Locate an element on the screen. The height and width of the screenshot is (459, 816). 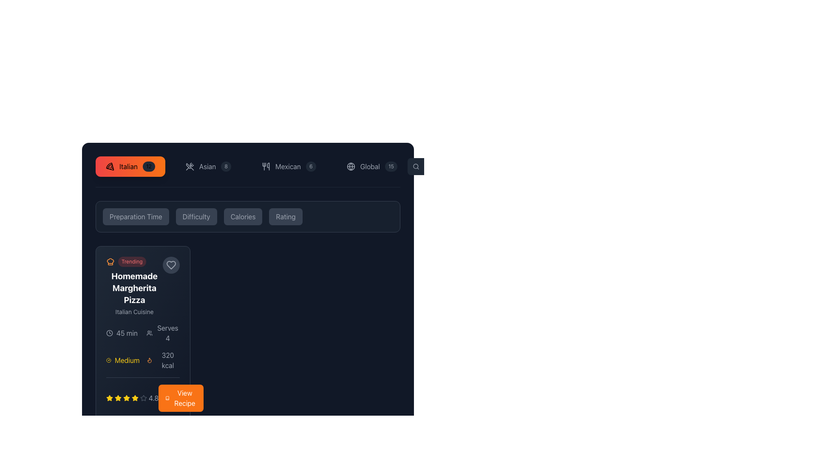
the fourth star icon representing a filled rating for 'Homemade Margherita Pizza', which is located below the description and above the 'View Recipe' button is located at coordinates (126, 398).